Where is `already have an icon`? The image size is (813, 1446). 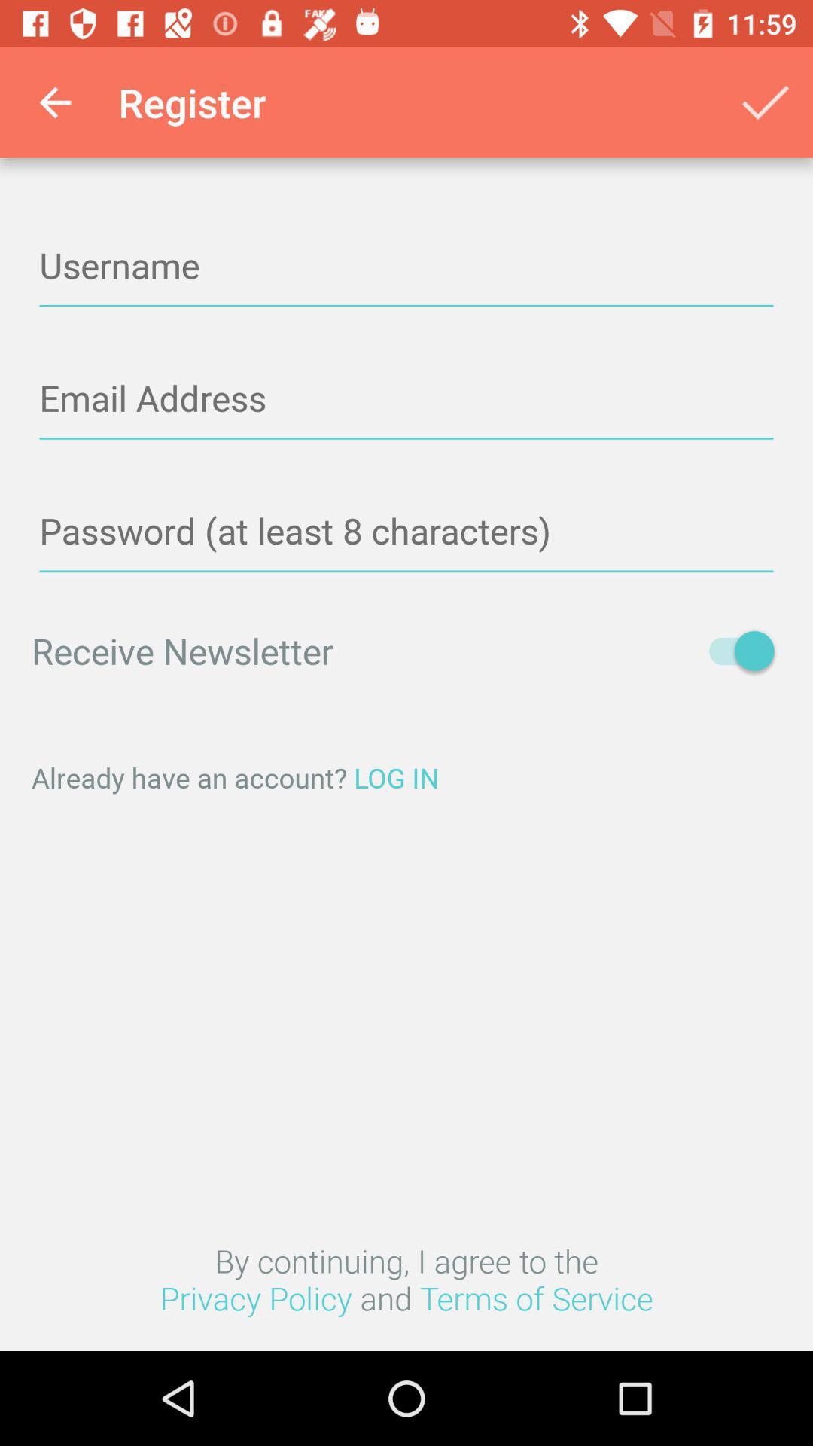 already have an icon is located at coordinates (406, 777).